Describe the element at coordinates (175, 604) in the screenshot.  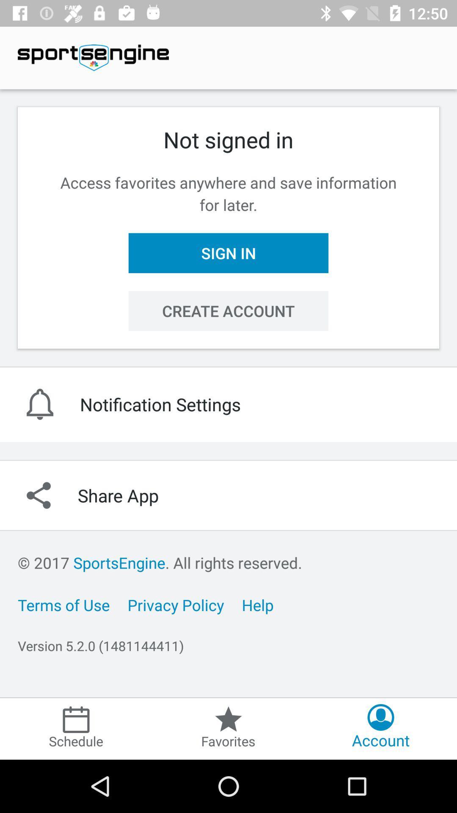
I see `the privacy policy` at that location.